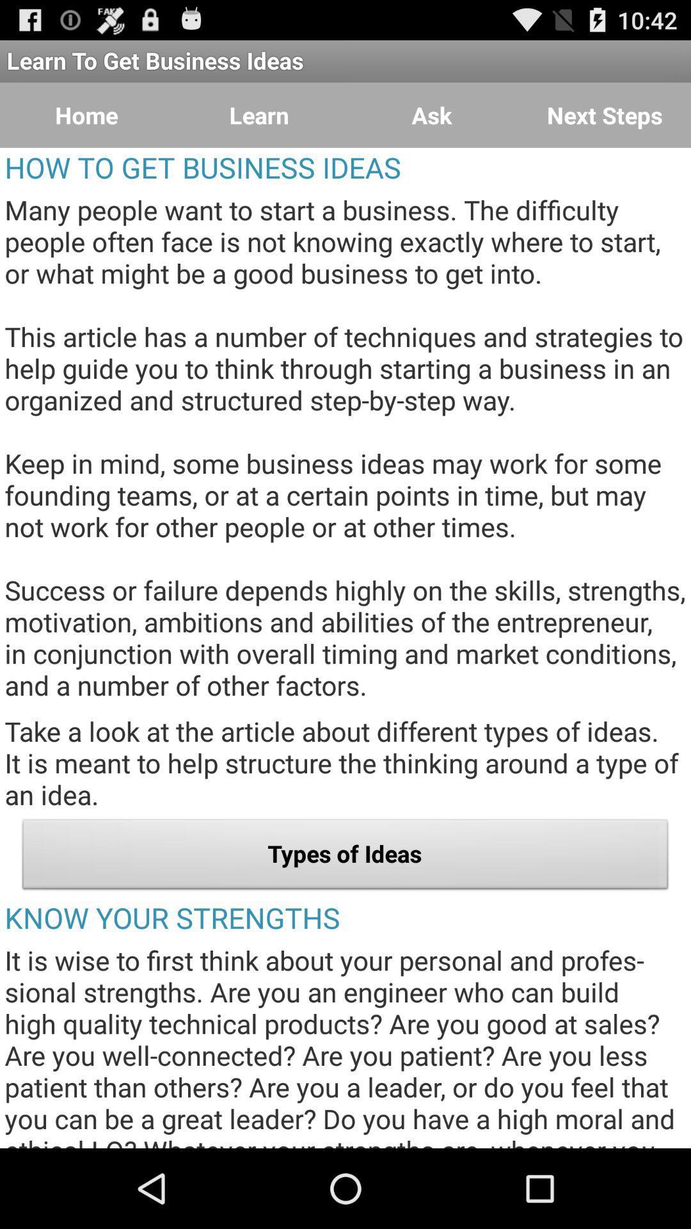 This screenshot has height=1229, width=691. Describe the element at coordinates (86, 115) in the screenshot. I see `the item to the left of the learn` at that location.